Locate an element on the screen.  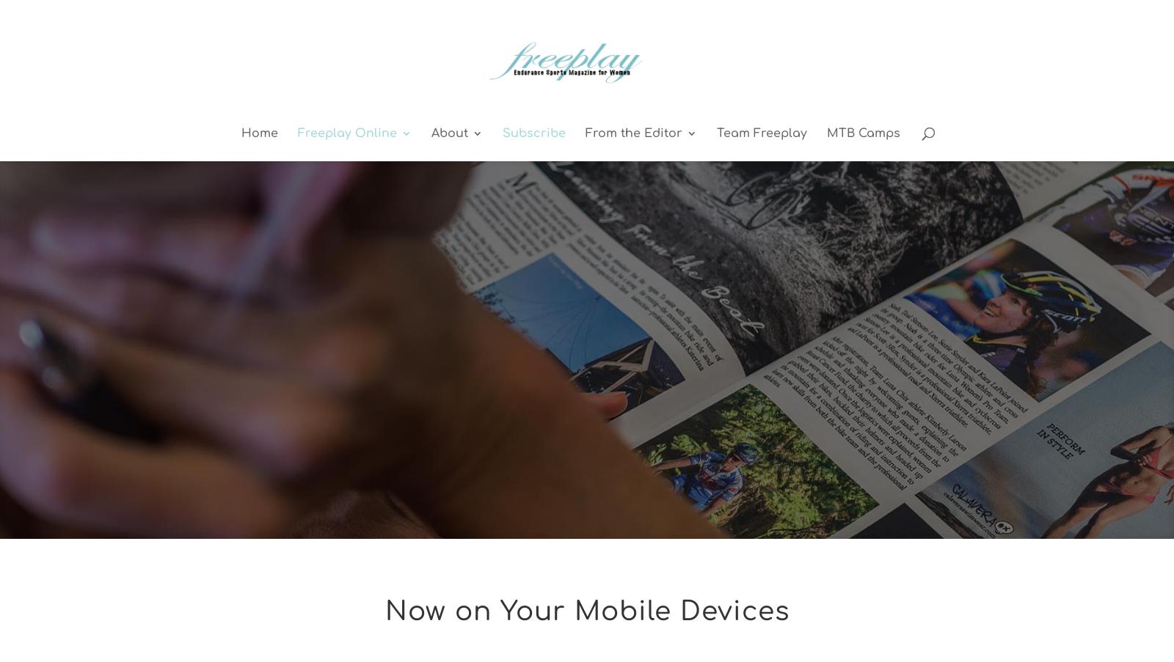
'MTB Camps' is located at coordinates (825, 133).